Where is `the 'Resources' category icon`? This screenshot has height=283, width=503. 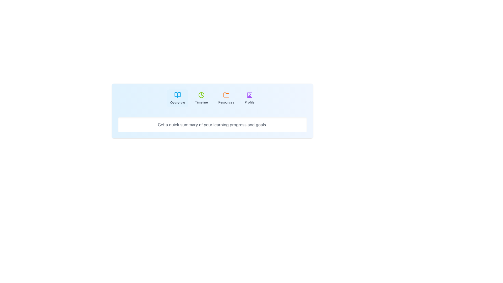 the 'Resources' category icon is located at coordinates (226, 95).